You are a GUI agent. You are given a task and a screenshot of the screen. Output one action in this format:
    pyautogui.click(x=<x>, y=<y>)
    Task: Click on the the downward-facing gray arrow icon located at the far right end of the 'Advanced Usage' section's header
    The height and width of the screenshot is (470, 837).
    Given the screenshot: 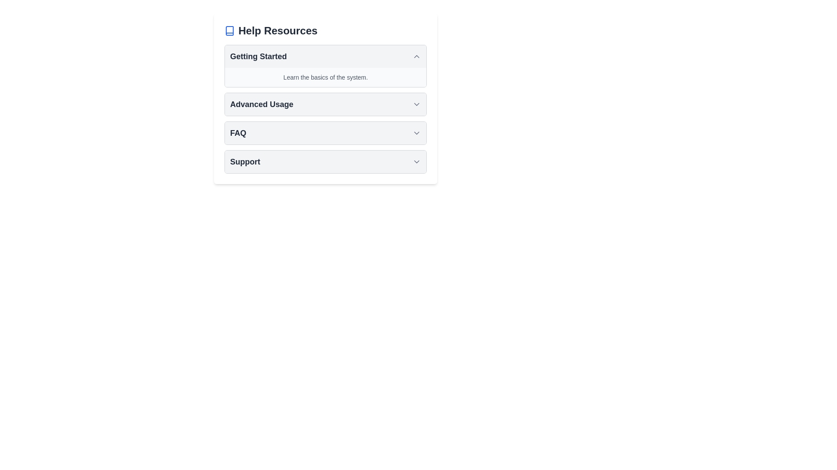 What is the action you would take?
    pyautogui.click(x=416, y=104)
    